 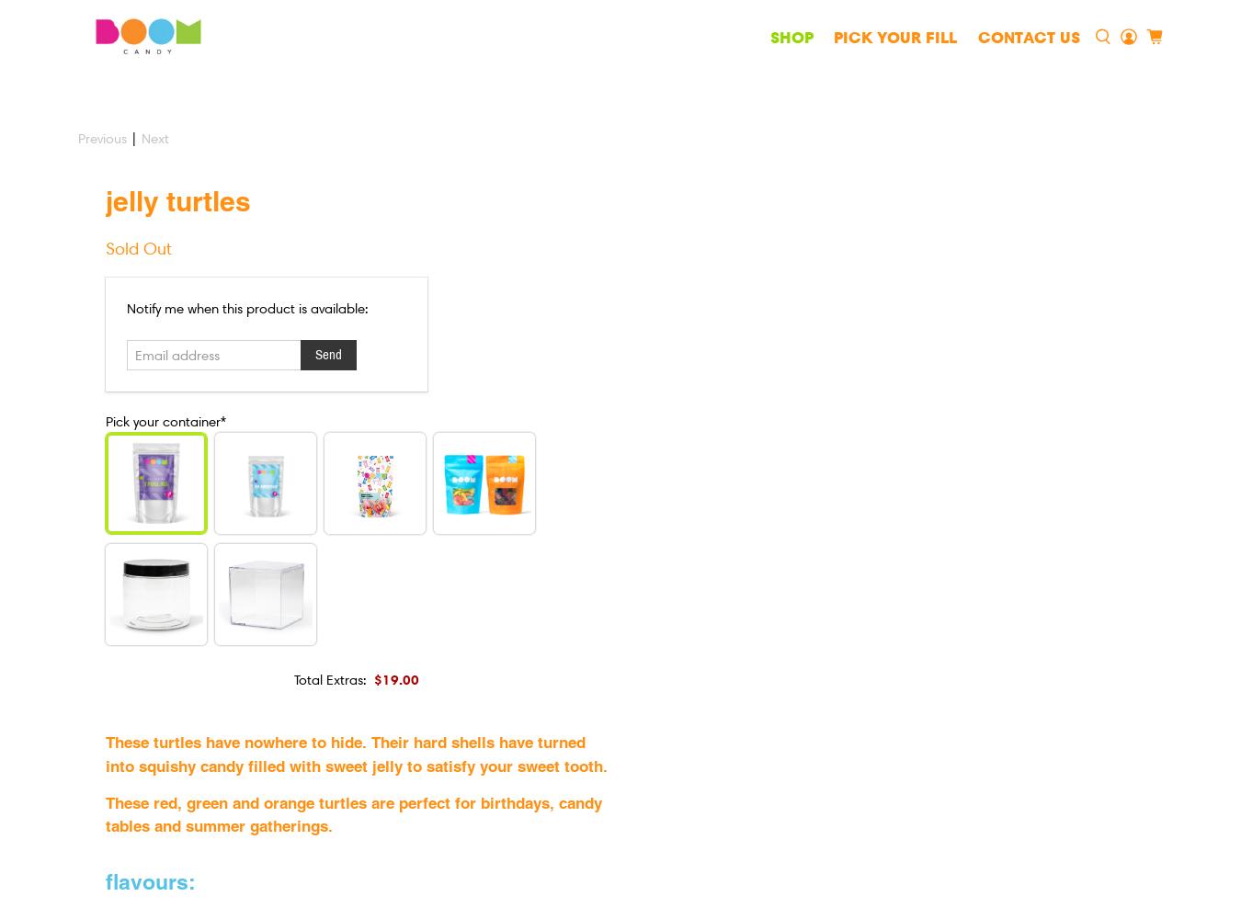 What do you see at coordinates (155, 139) in the screenshot?
I see `'Next'` at bounding box center [155, 139].